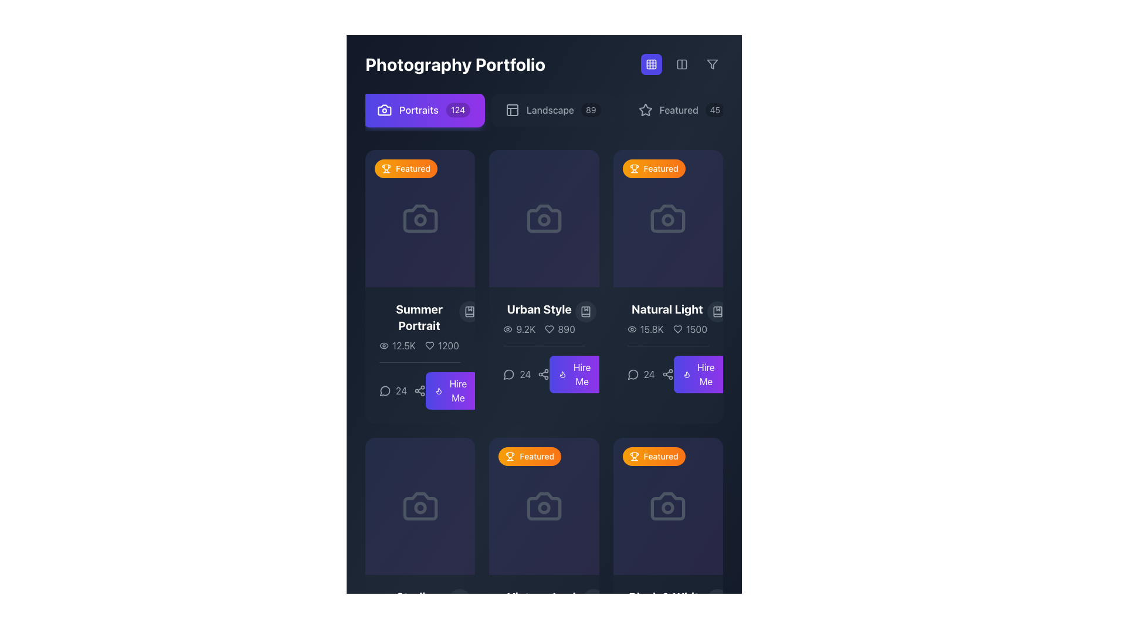 The height and width of the screenshot is (633, 1126). I want to click on the star icon, which is a minimalistic outline design in light gray, located to the left of the text 'Featured' in the top menu bar, so click(645, 110).